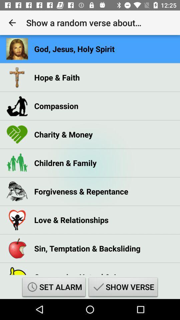 The image size is (180, 320). Describe the element at coordinates (74, 48) in the screenshot. I see `the icon below the show a random app` at that location.